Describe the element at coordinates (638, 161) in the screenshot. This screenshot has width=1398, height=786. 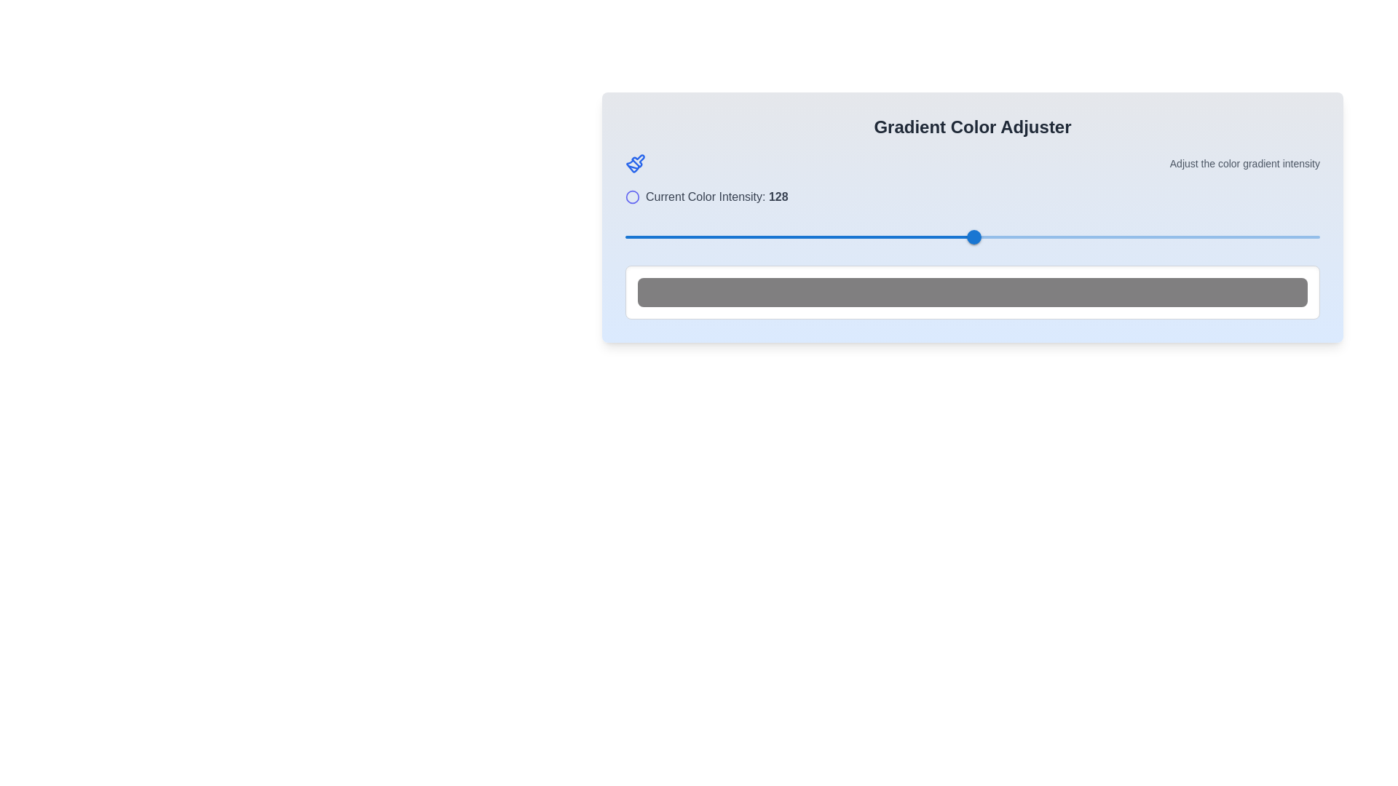
I see `properties of the icon located at the top-left corner of the card containing 'Gradient Color Adjuster', which is part of the 'paintbrush' vector group` at that location.